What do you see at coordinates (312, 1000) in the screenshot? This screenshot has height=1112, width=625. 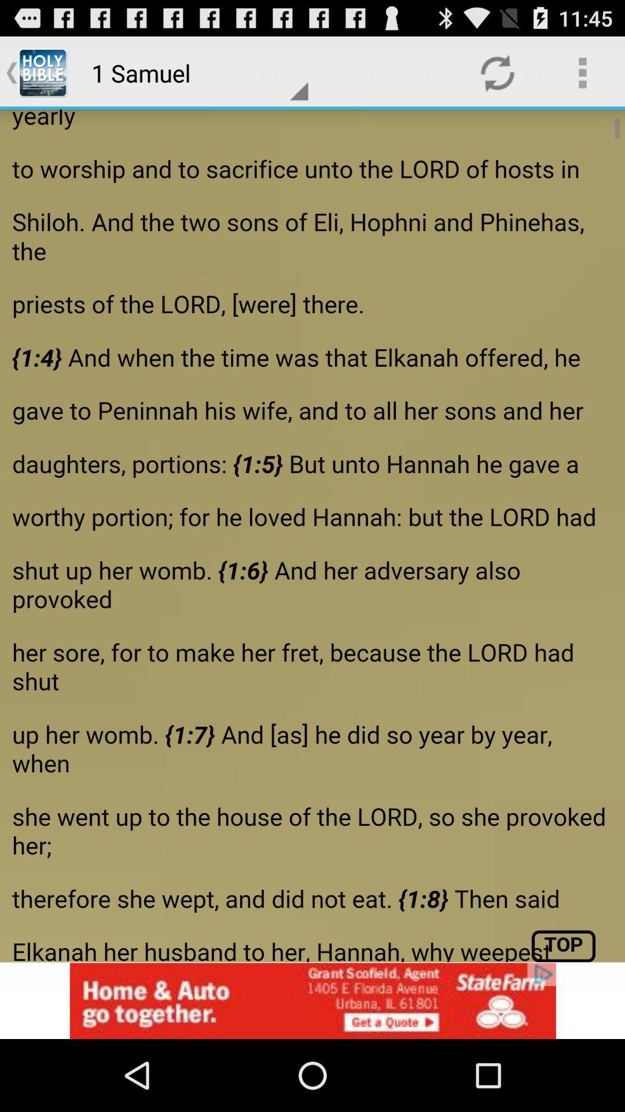 I see `advertisement` at bounding box center [312, 1000].